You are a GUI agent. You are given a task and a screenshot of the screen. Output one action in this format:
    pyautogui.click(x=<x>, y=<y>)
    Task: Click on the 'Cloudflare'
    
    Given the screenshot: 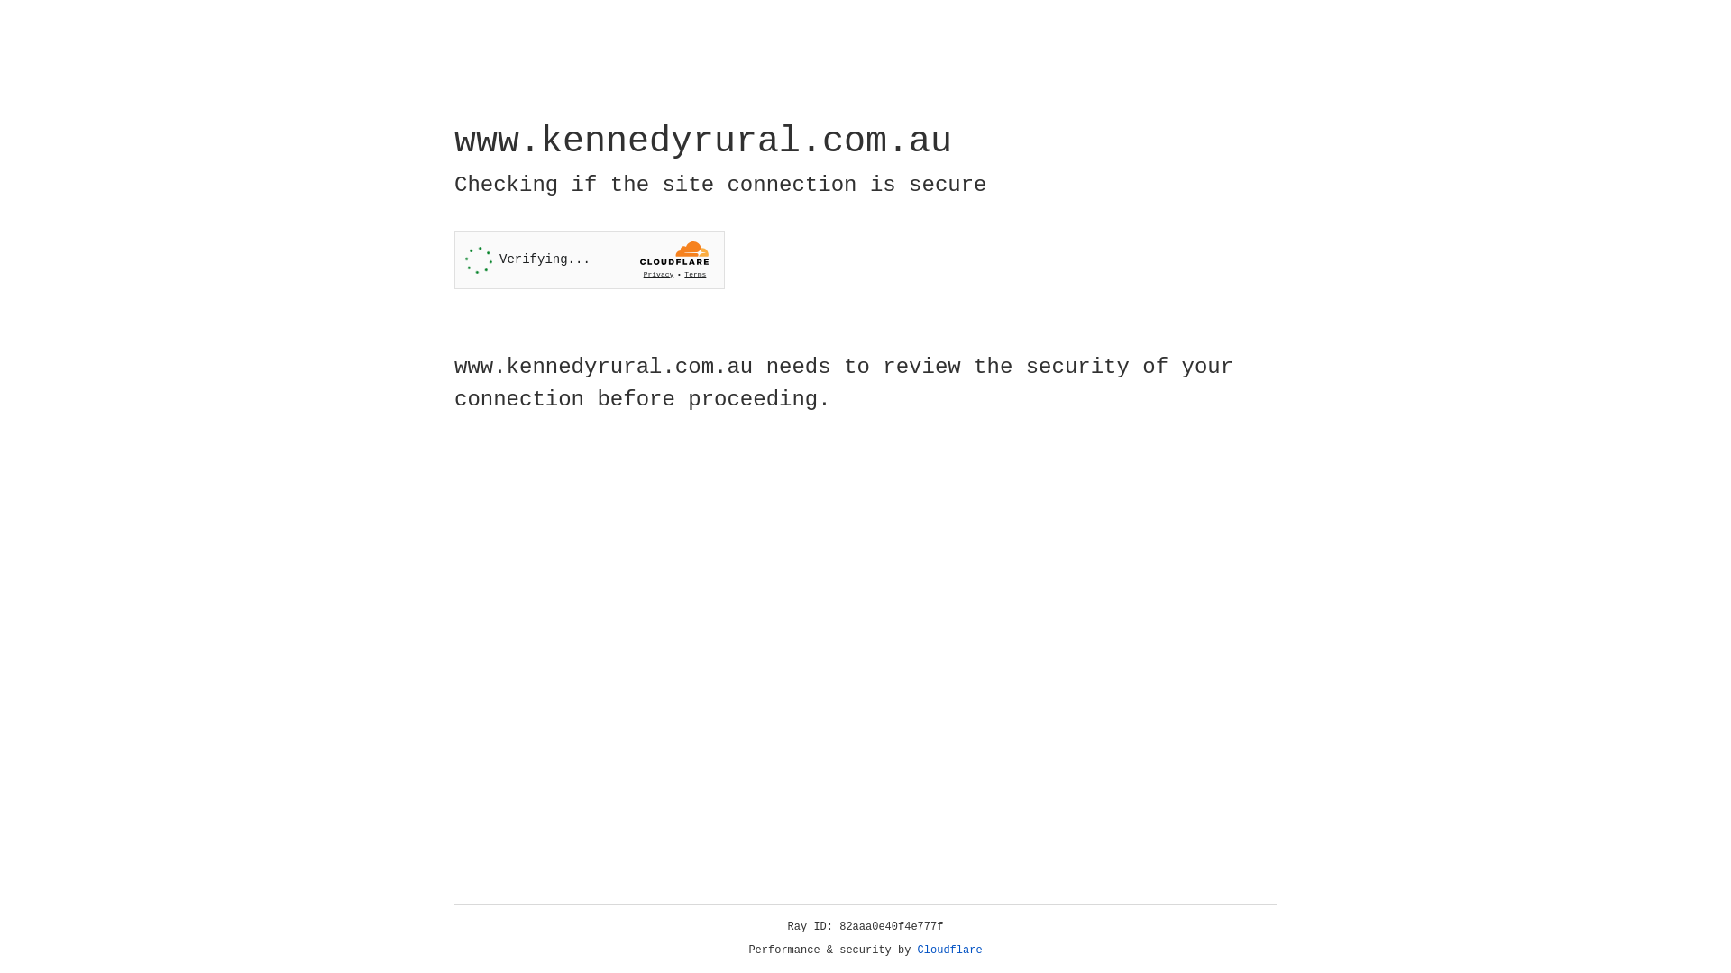 What is the action you would take?
    pyautogui.click(x=949, y=950)
    